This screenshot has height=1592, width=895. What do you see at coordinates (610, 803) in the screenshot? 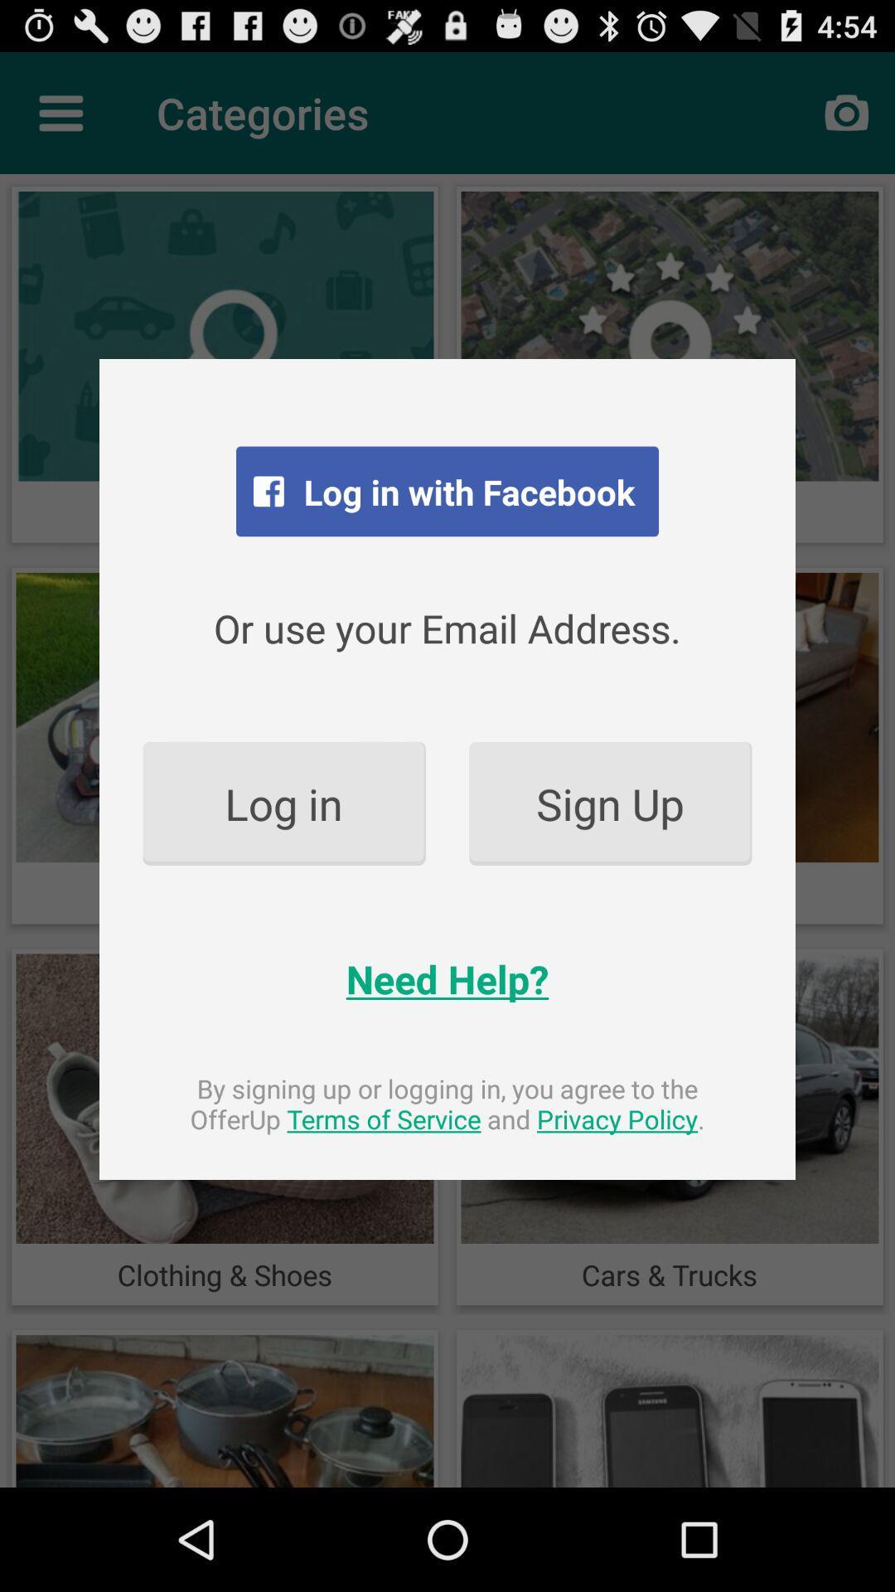
I see `the item next to the log in item` at bounding box center [610, 803].